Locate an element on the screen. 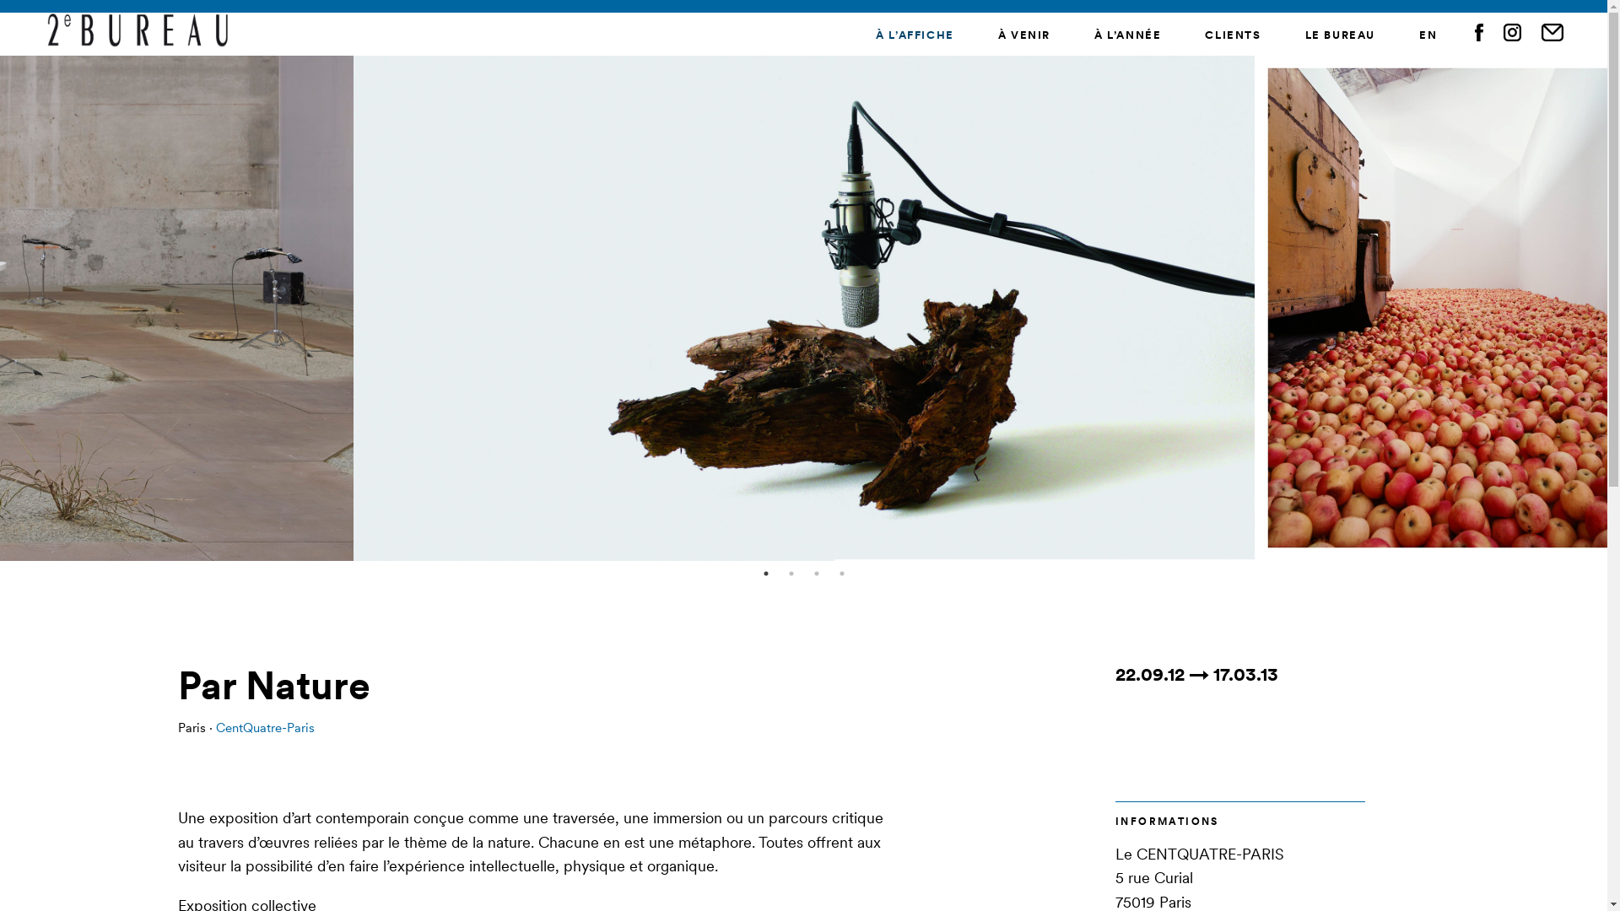 The height and width of the screenshot is (911, 1620). 'CLIENTS' is located at coordinates (1232, 35).